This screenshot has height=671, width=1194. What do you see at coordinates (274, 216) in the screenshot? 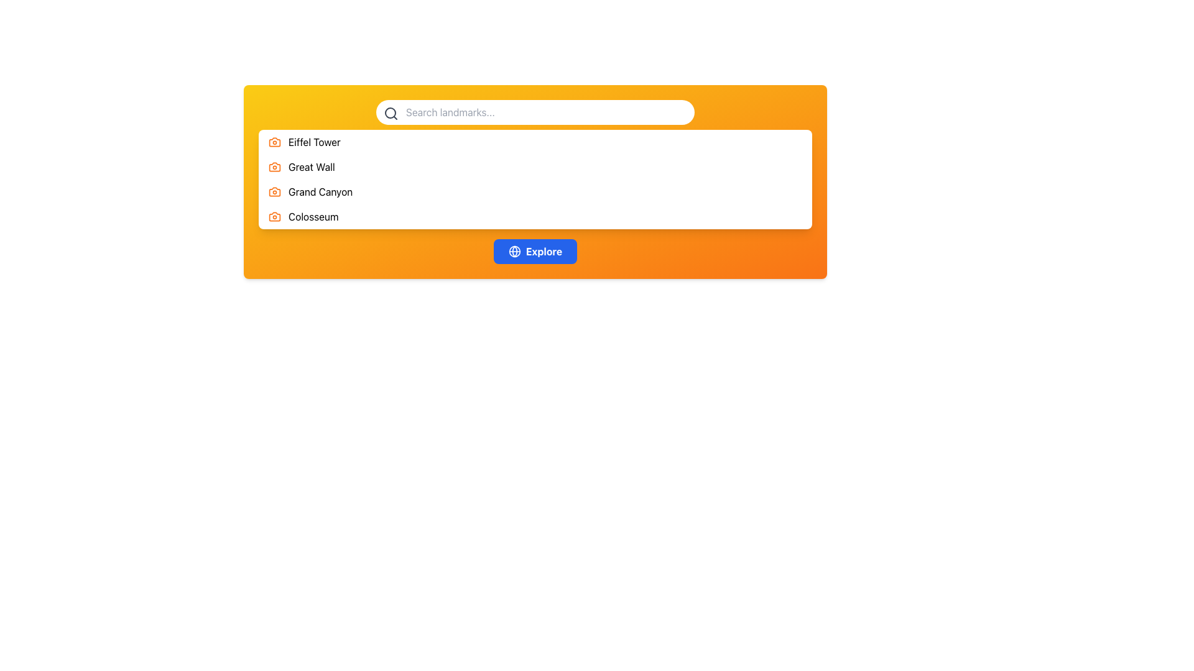
I see `camera icon, which is visually represented by an orange square-like body with a bulge at the top, located next to the 'Colosseum' label as the fourth item in the list` at bounding box center [274, 216].